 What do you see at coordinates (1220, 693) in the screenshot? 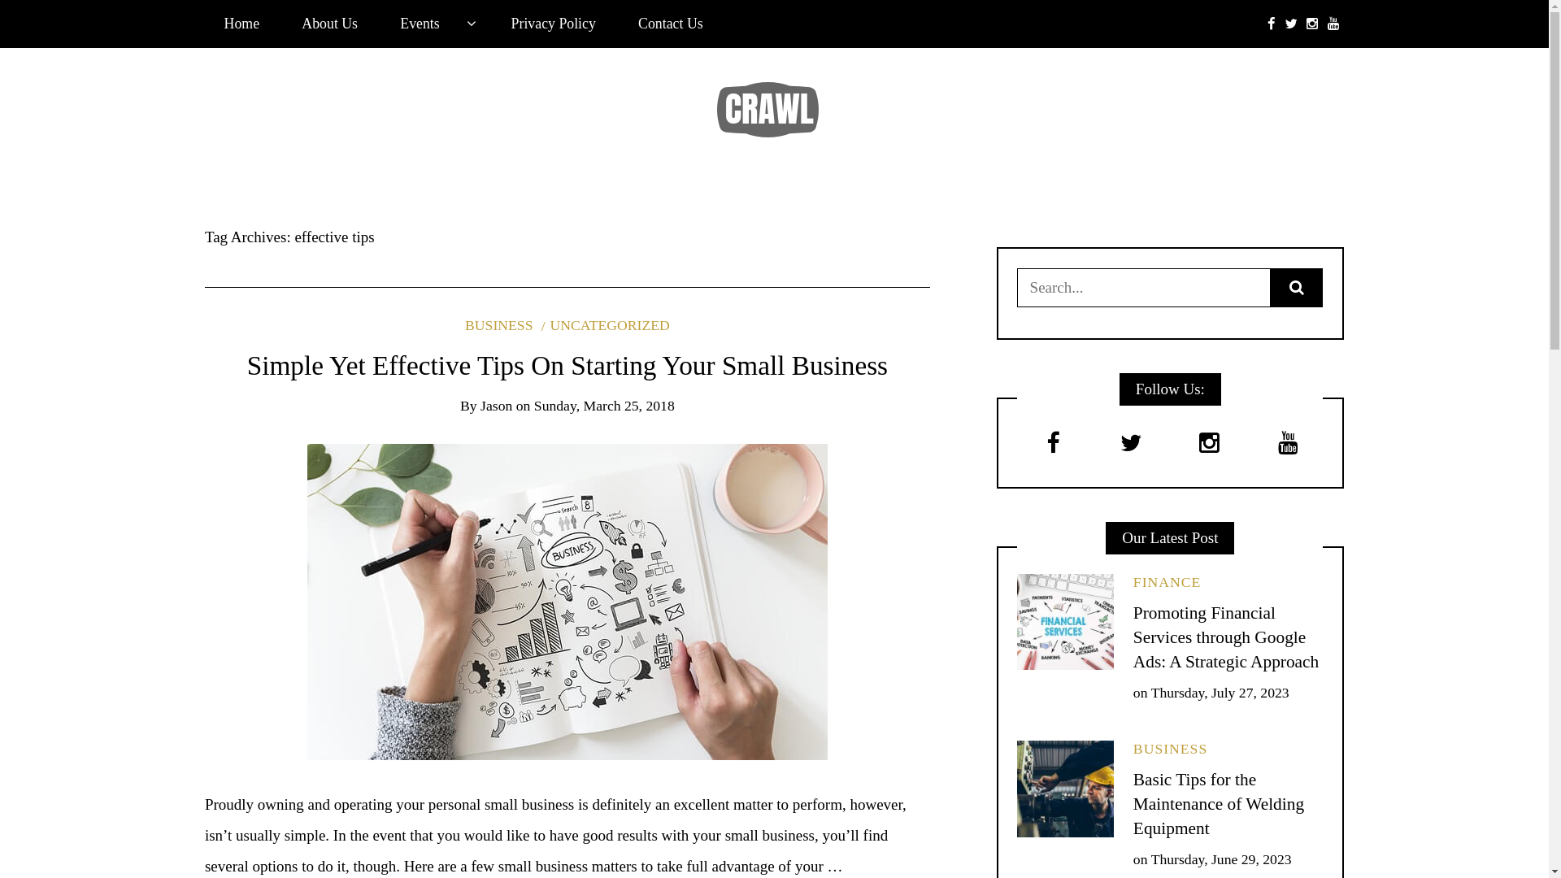
I see `'Thursday, July 27, 2023'` at bounding box center [1220, 693].